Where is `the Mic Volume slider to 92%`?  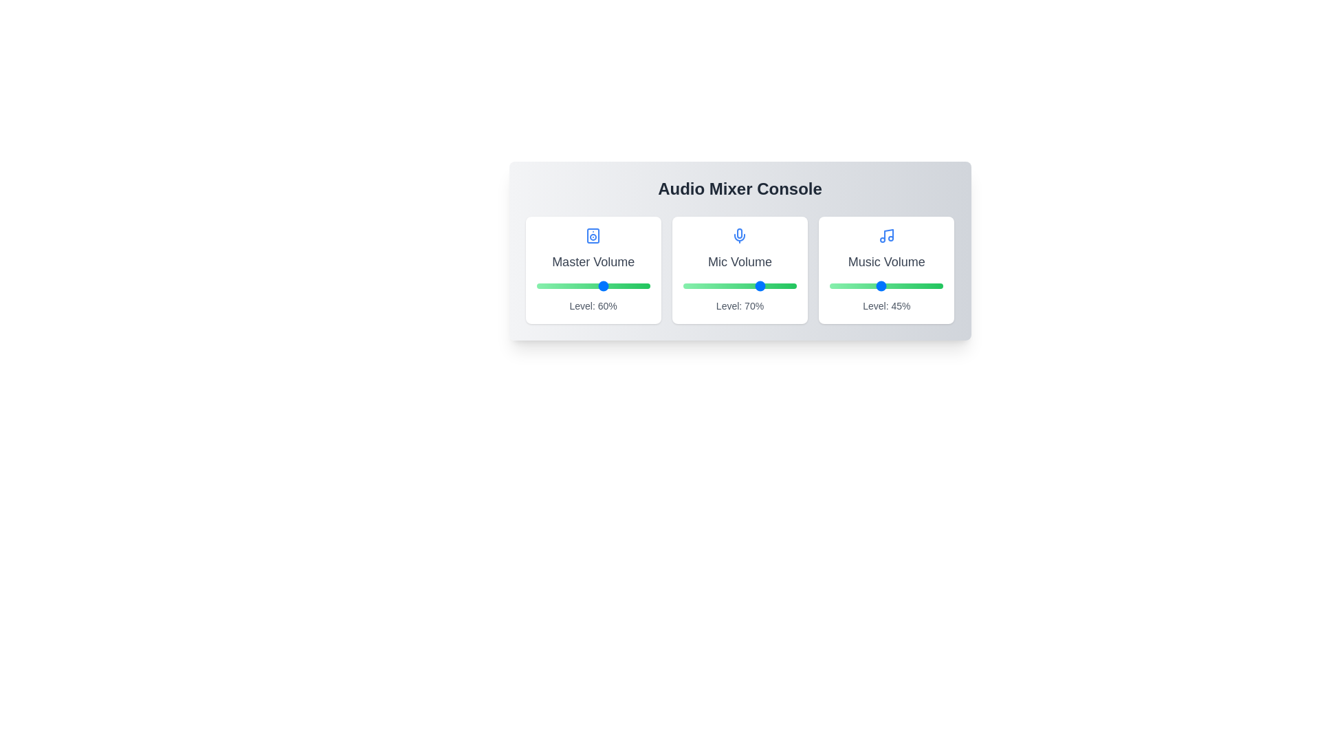
the Mic Volume slider to 92% is located at coordinates (787, 286).